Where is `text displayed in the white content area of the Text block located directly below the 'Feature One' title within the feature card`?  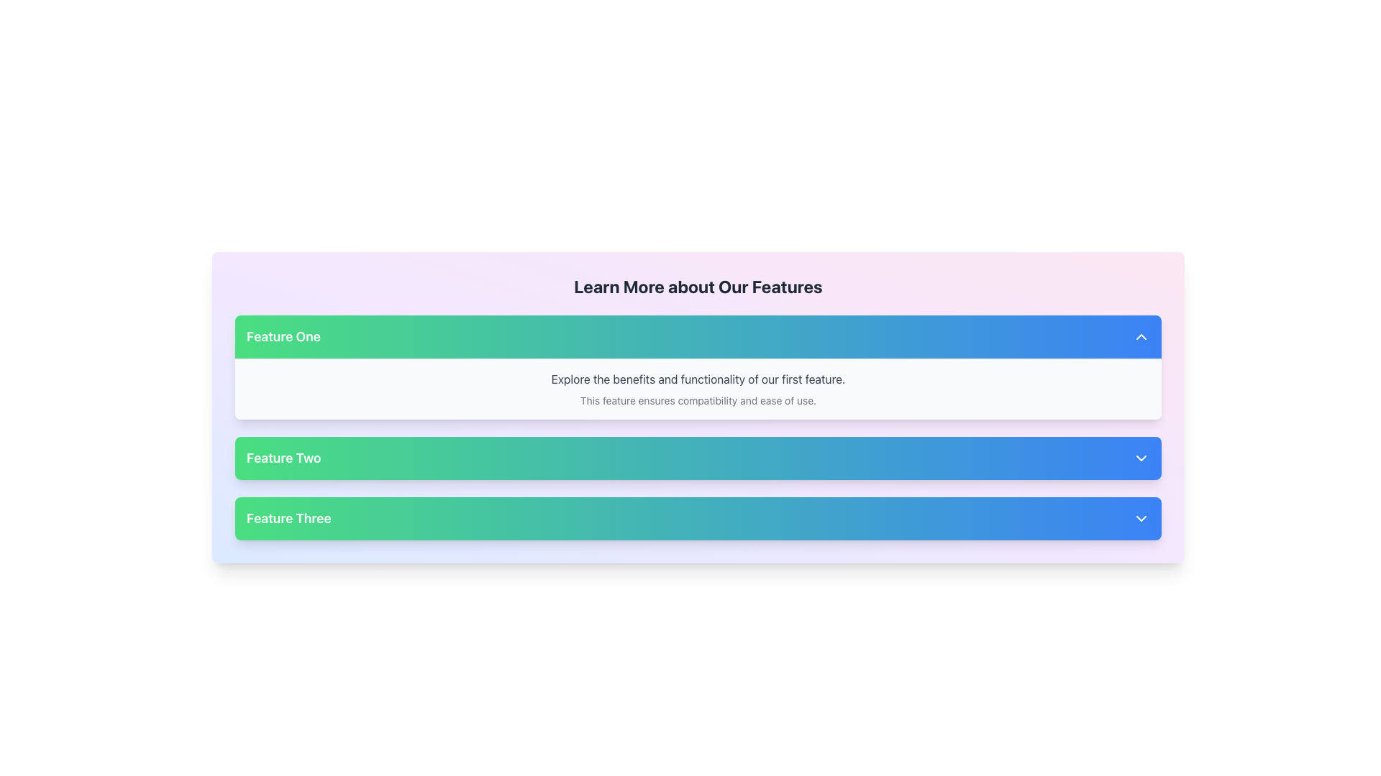
text displayed in the white content area of the Text block located directly below the 'Feature One' title within the feature card is located at coordinates (698, 388).